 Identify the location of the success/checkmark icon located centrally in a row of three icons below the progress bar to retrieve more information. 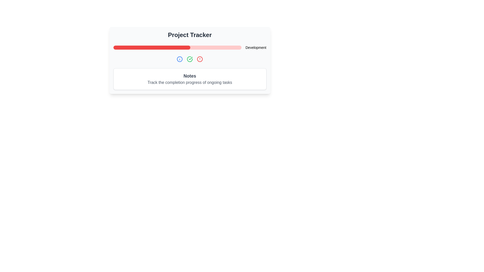
(190, 59).